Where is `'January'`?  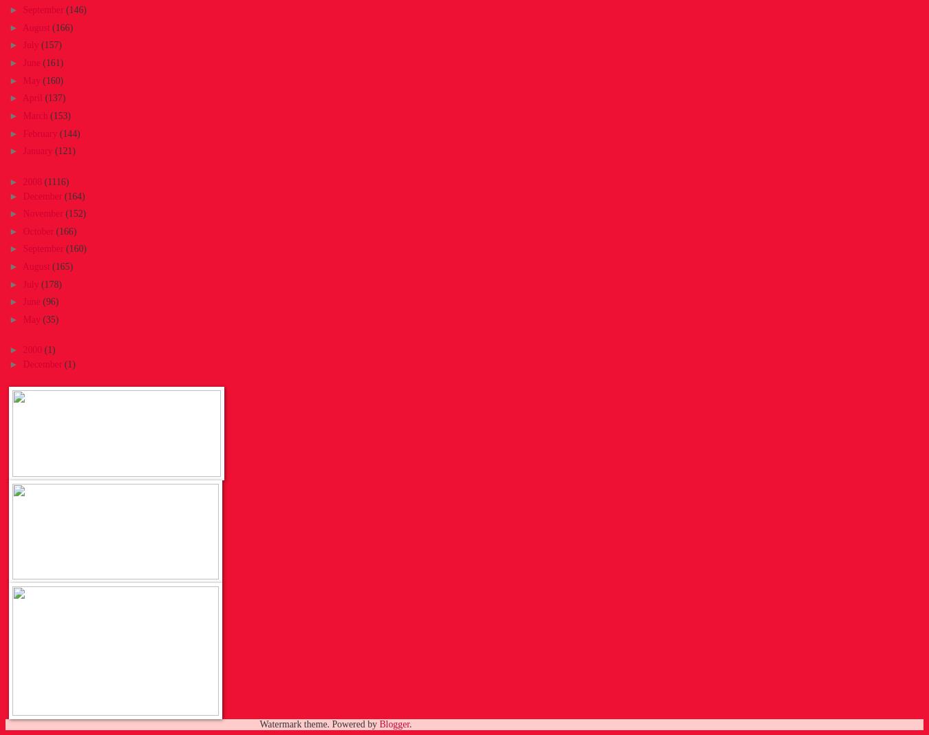 'January' is located at coordinates (38, 151).